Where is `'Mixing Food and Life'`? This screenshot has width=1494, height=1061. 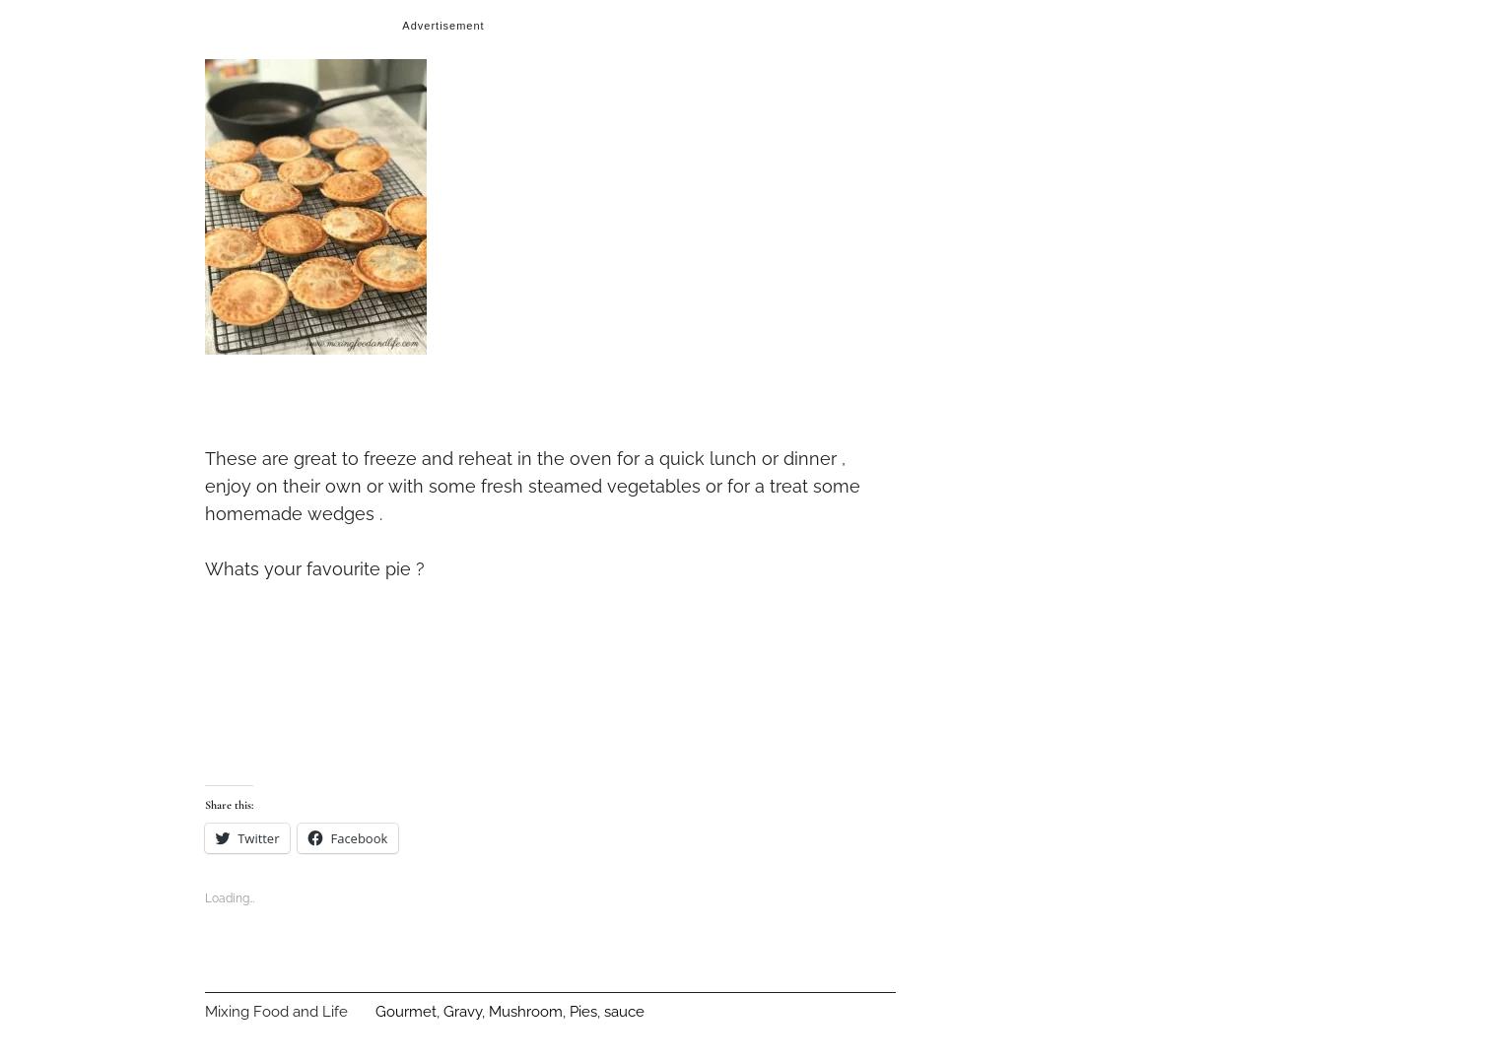
'Mixing Food and Life' is located at coordinates (276, 1009).